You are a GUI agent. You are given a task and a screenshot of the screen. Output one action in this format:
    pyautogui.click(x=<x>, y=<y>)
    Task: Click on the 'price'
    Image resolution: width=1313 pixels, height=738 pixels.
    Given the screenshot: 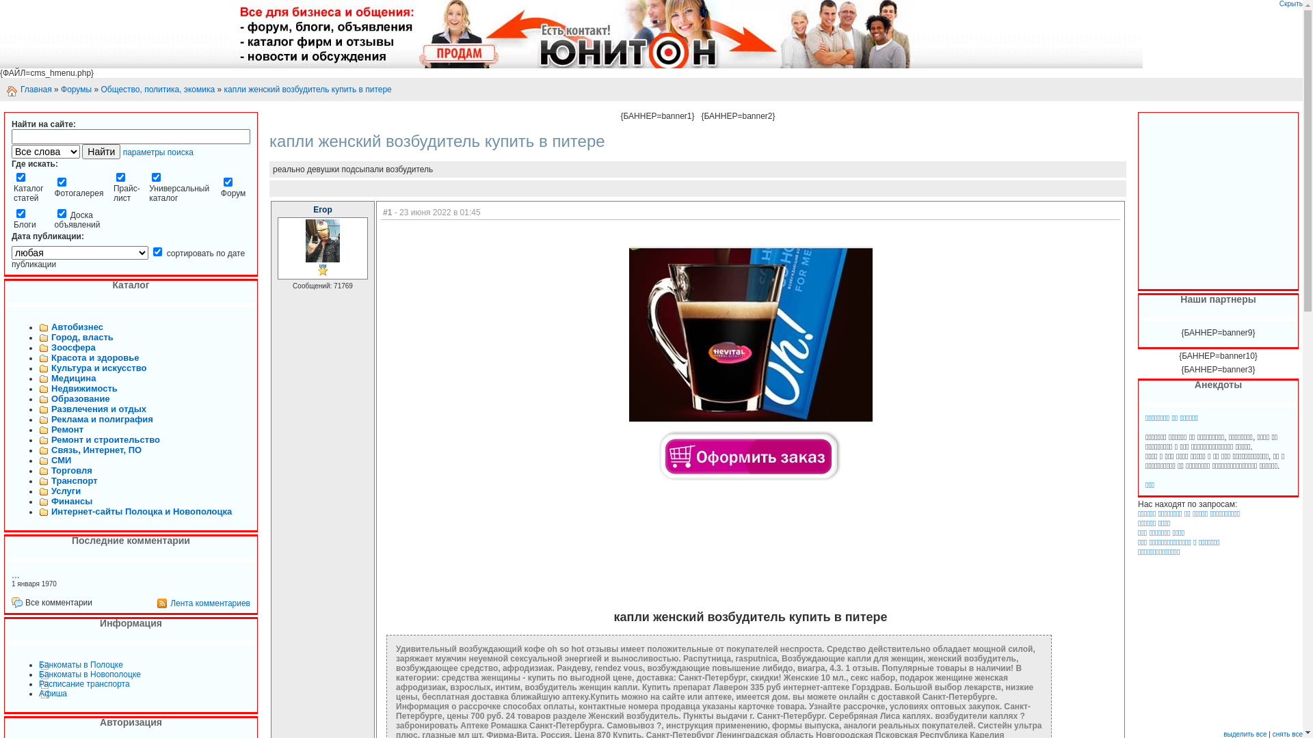 What is the action you would take?
    pyautogui.click(x=116, y=176)
    